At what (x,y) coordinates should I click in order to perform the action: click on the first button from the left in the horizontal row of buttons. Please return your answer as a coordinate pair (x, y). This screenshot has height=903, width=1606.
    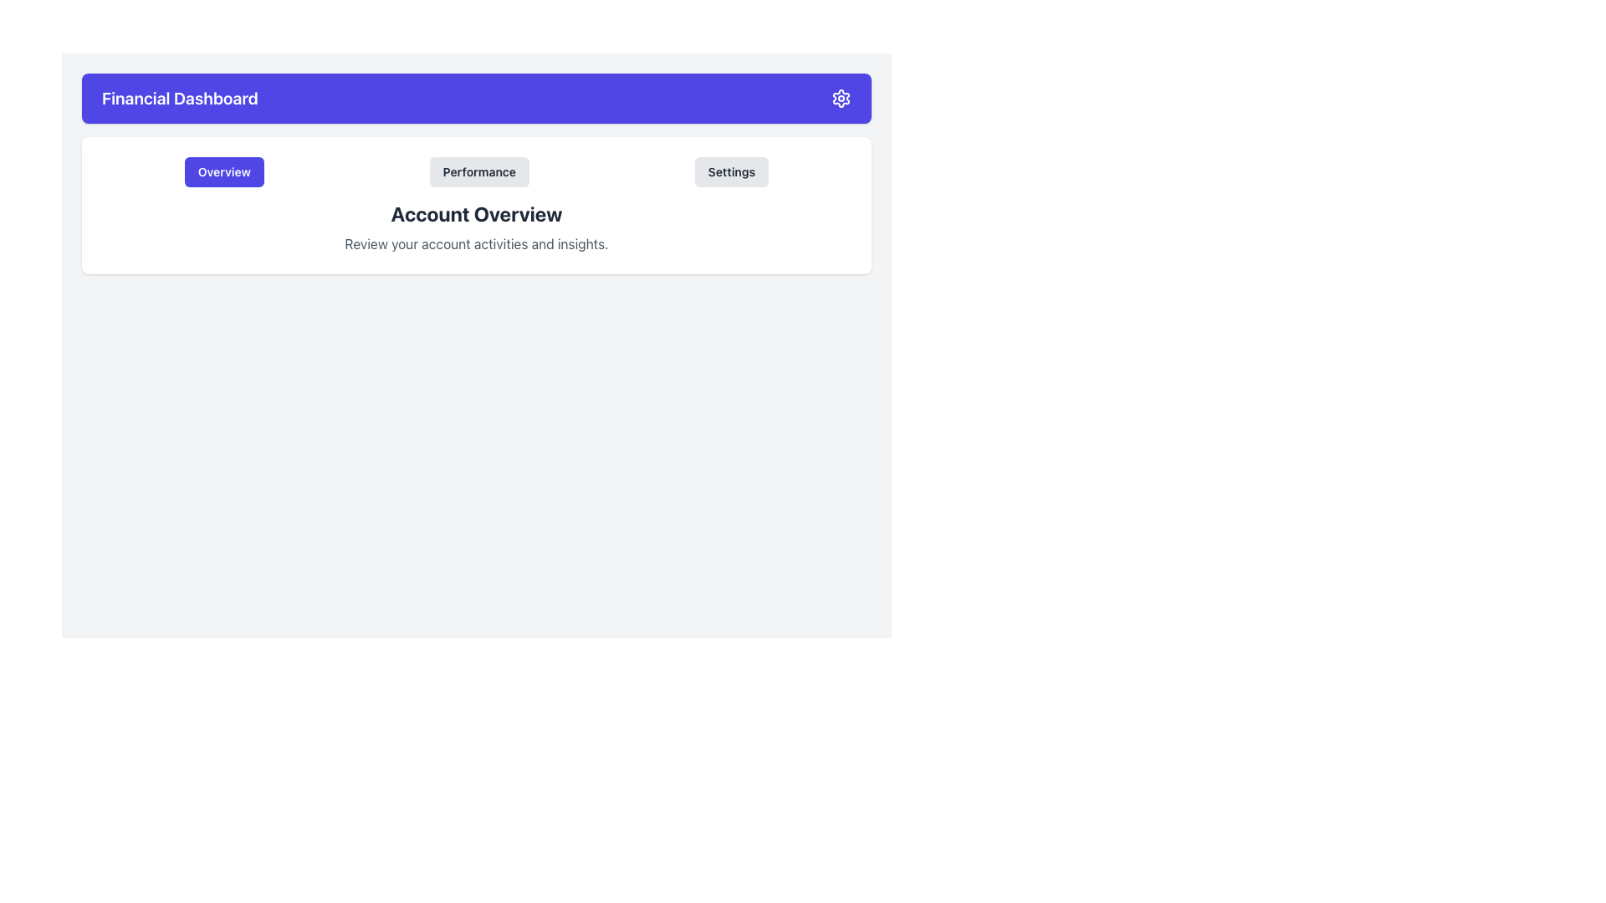
    Looking at the image, I should click on (223, 171).